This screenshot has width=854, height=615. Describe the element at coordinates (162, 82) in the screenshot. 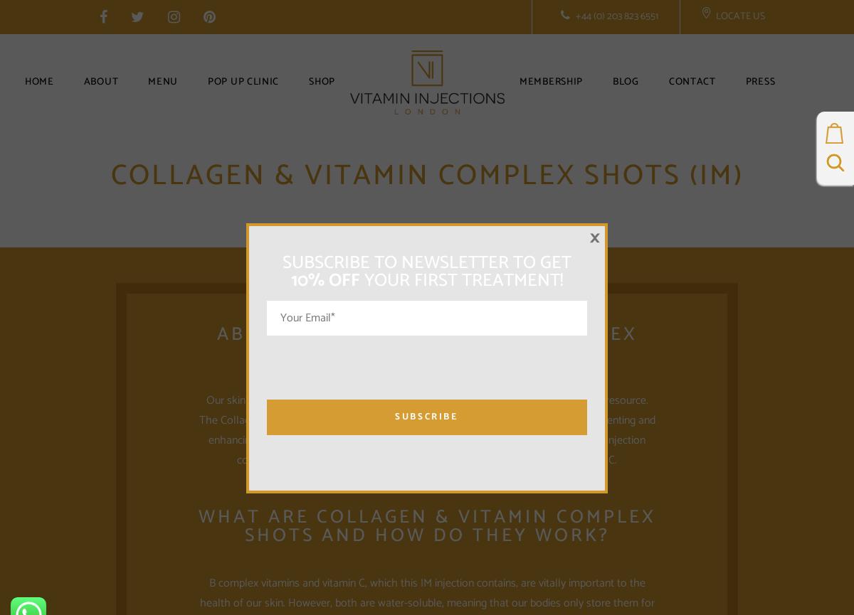

I see `'Menu'` at that location.